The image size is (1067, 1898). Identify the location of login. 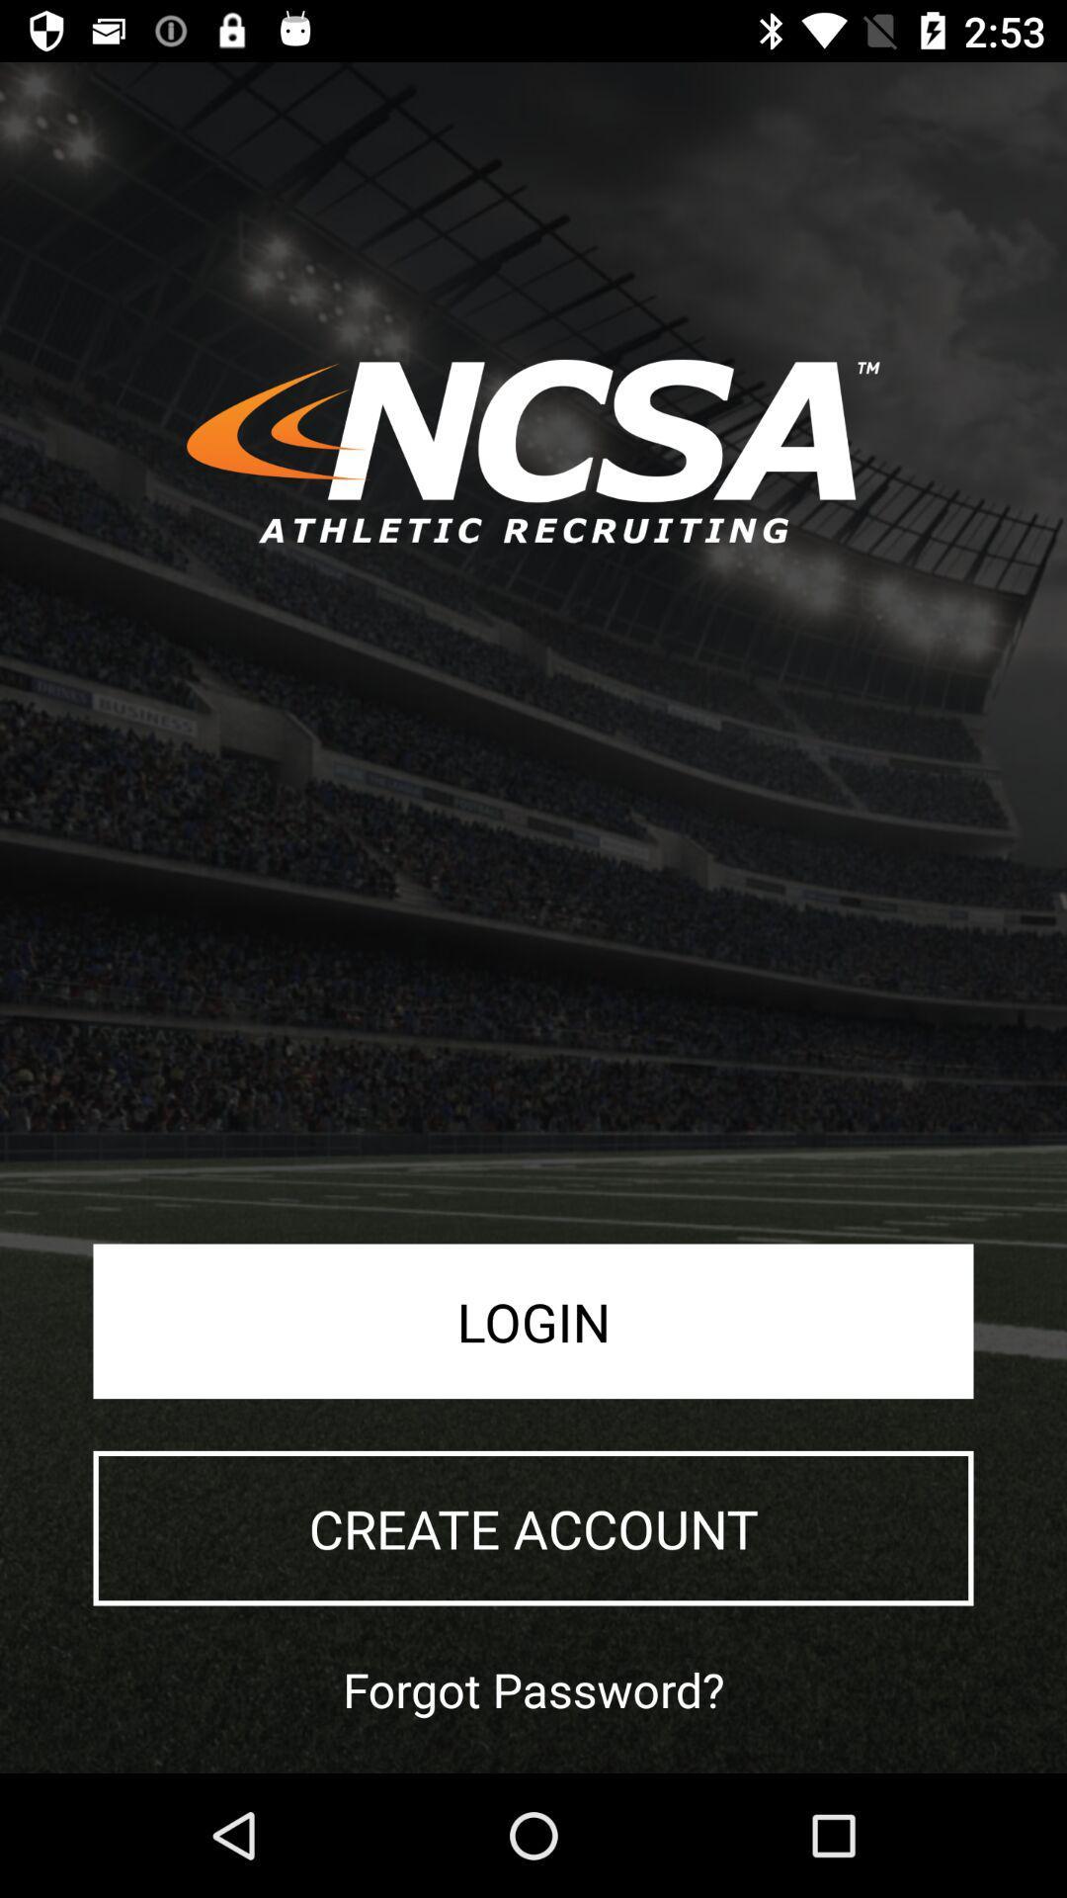
(533, 1321).